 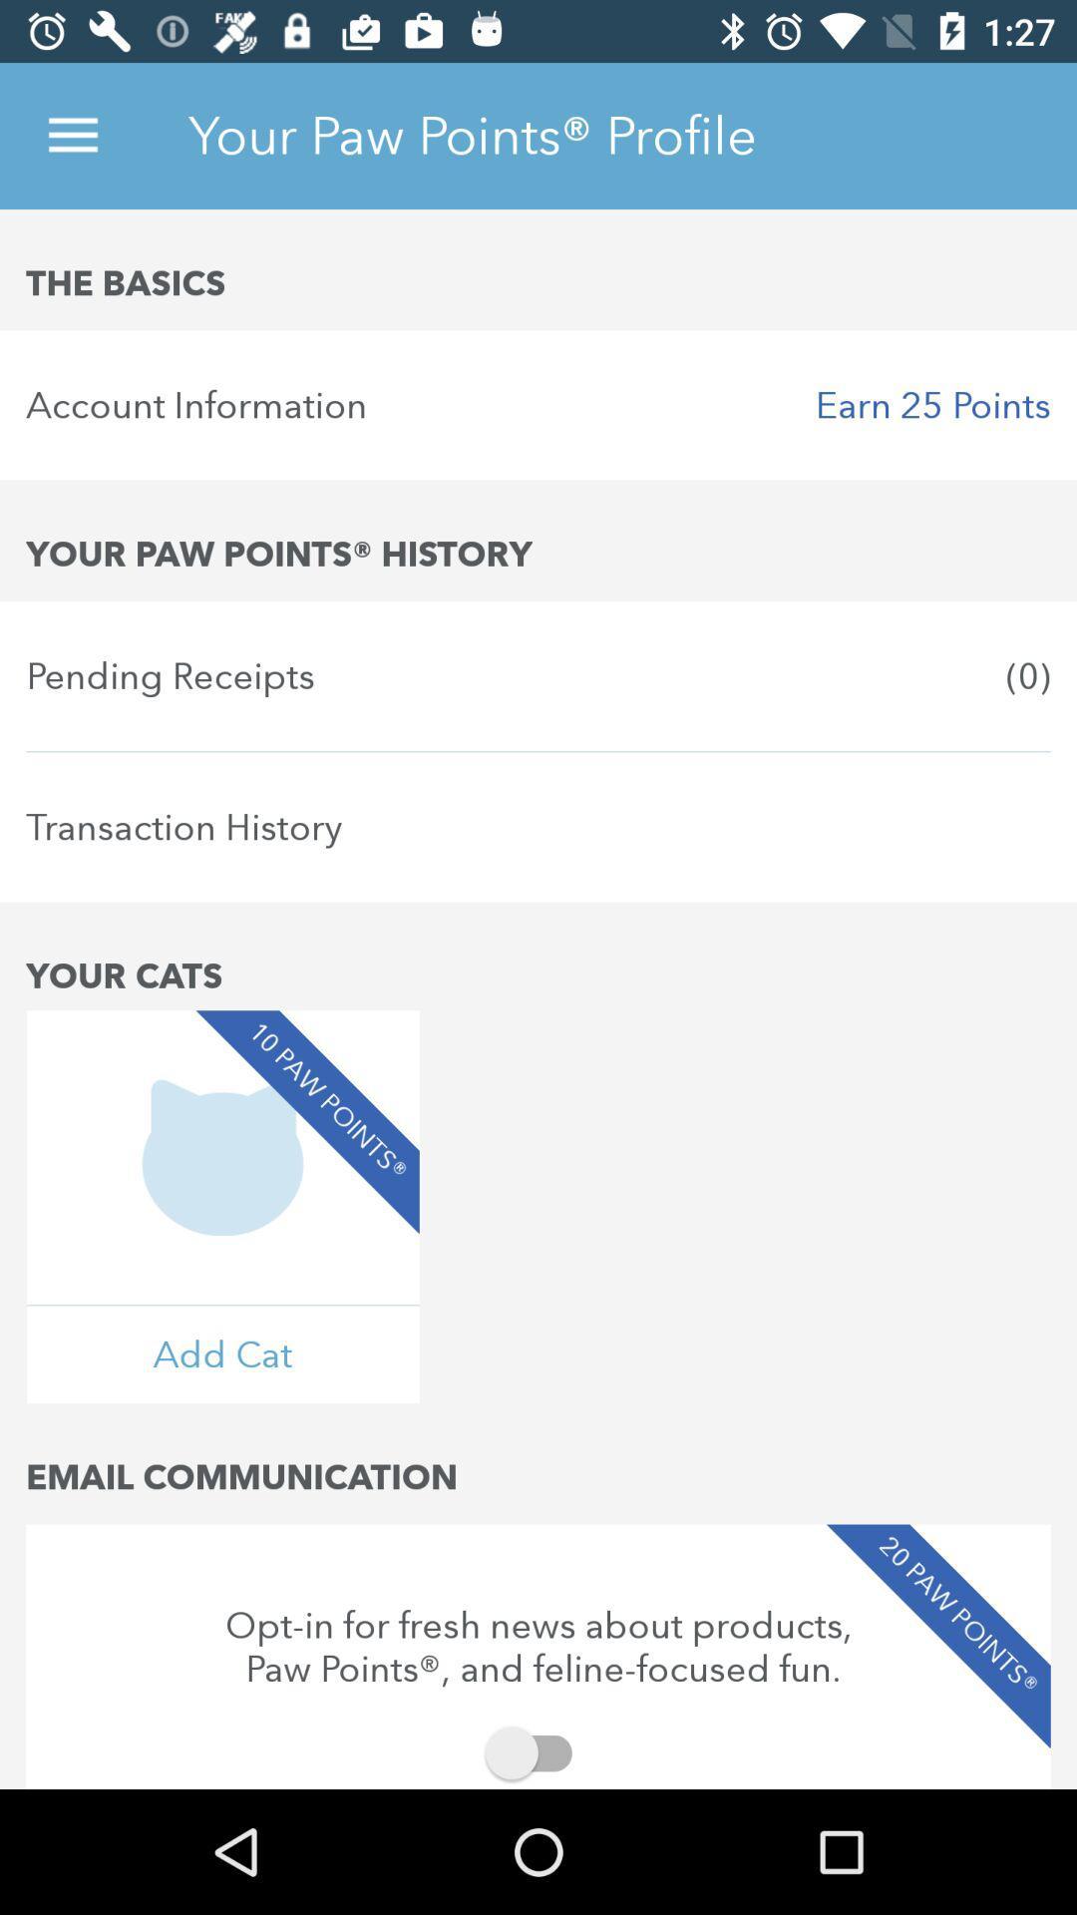 I want to click on the item above the your paw points item, so click(x=538, y=404).